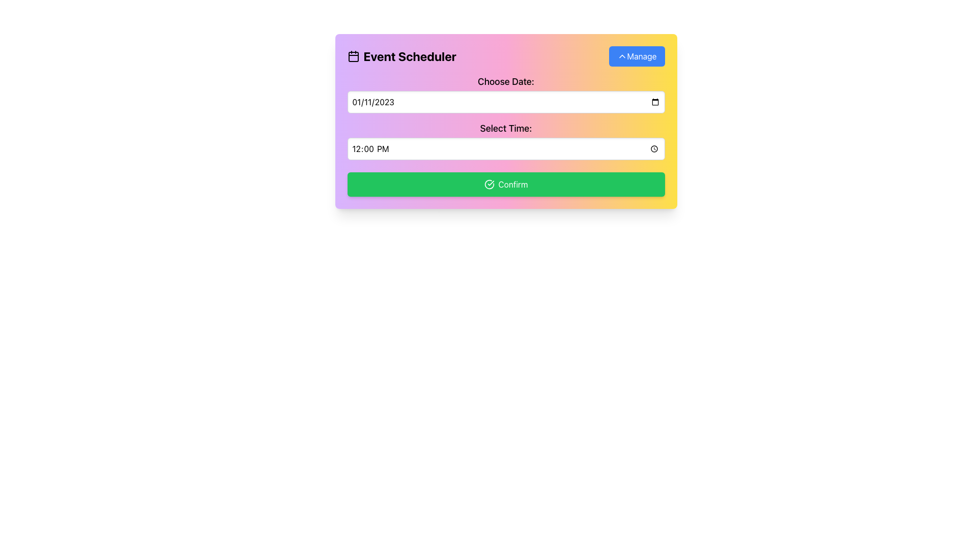 This screenshot has height=549, width=977. I want to click on the calendar icon in the Date Picker Input located in the 'Choose Date: Select Time:' component, so click(506, 94).